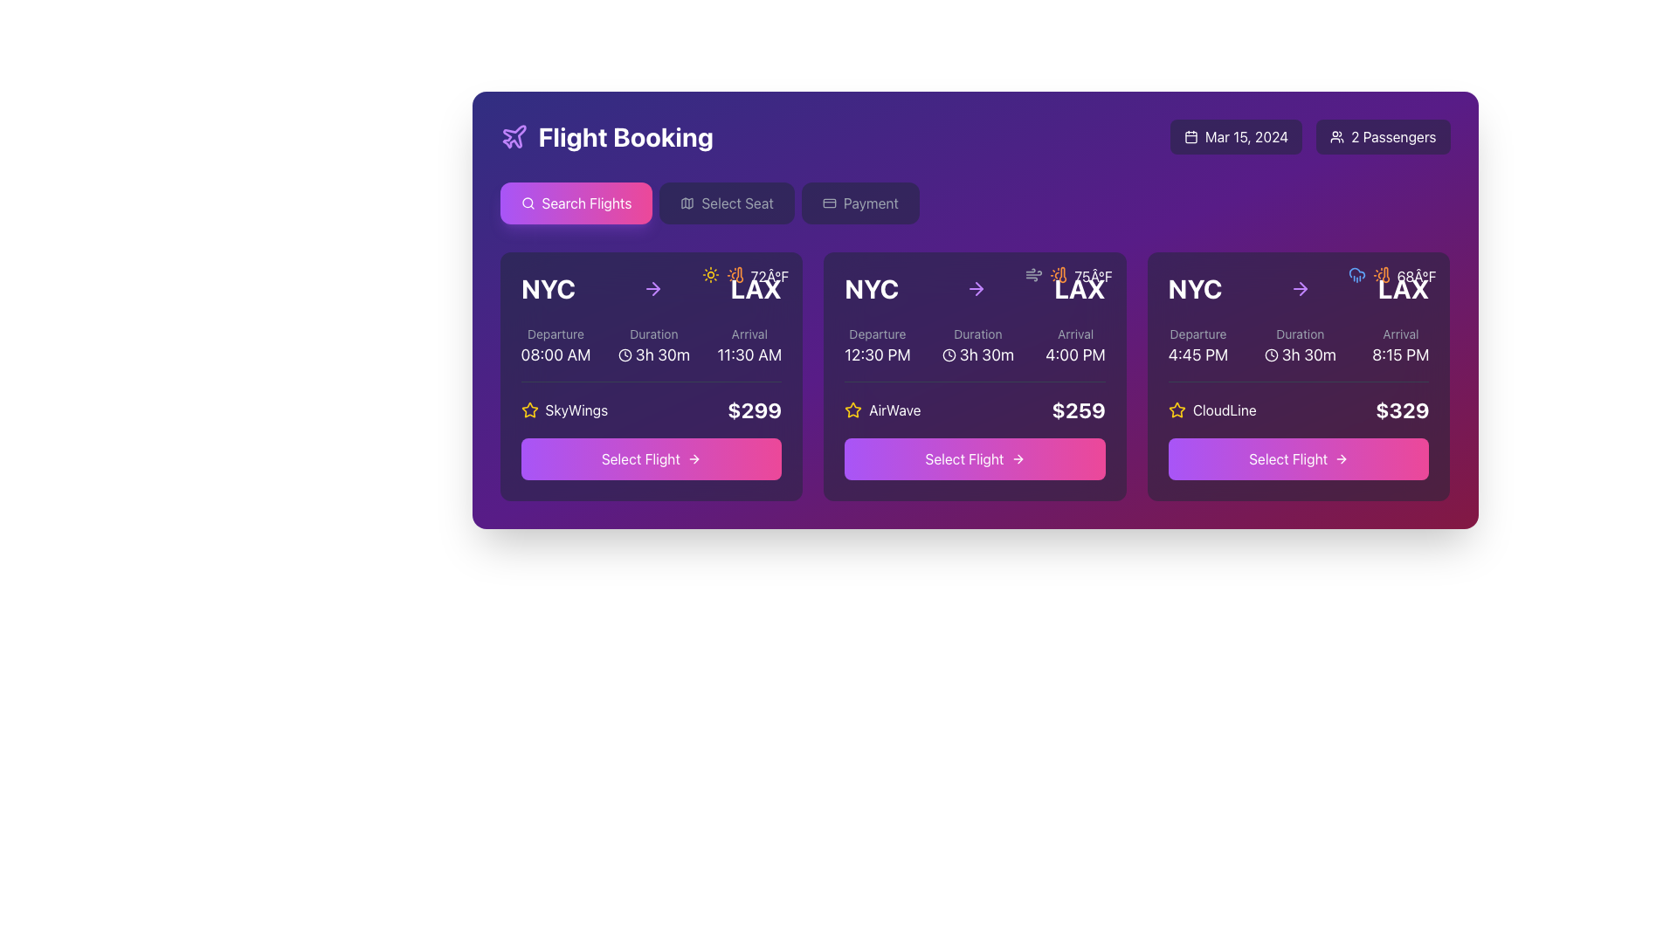 Image resolution: width=1677 pixels, height=943 pixels. What do you see at coordinates (1177, 410) in the screenshot?
I see `the star-shaped icon with a yellow border and purple fill located next to the text 'SkyWings' in the flight options card layout` at bounding box center [1177, 410].